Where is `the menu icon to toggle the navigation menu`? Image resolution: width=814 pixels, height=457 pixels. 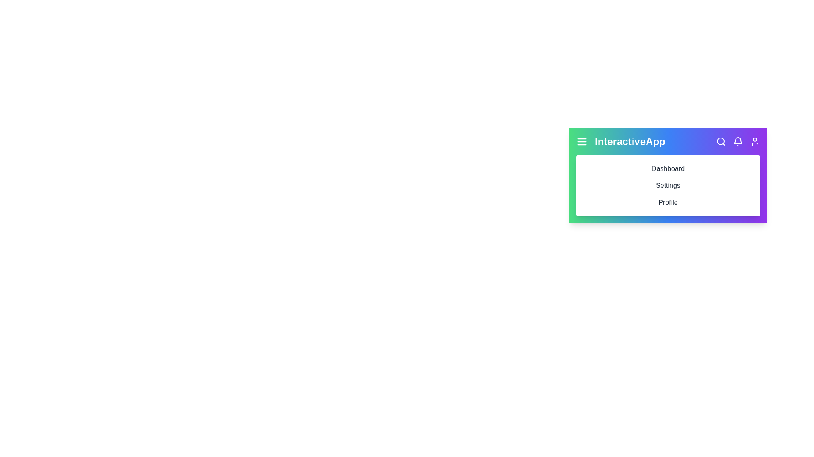 the menu icon to toggle the navigation menu is located at coordinates (581, 141).